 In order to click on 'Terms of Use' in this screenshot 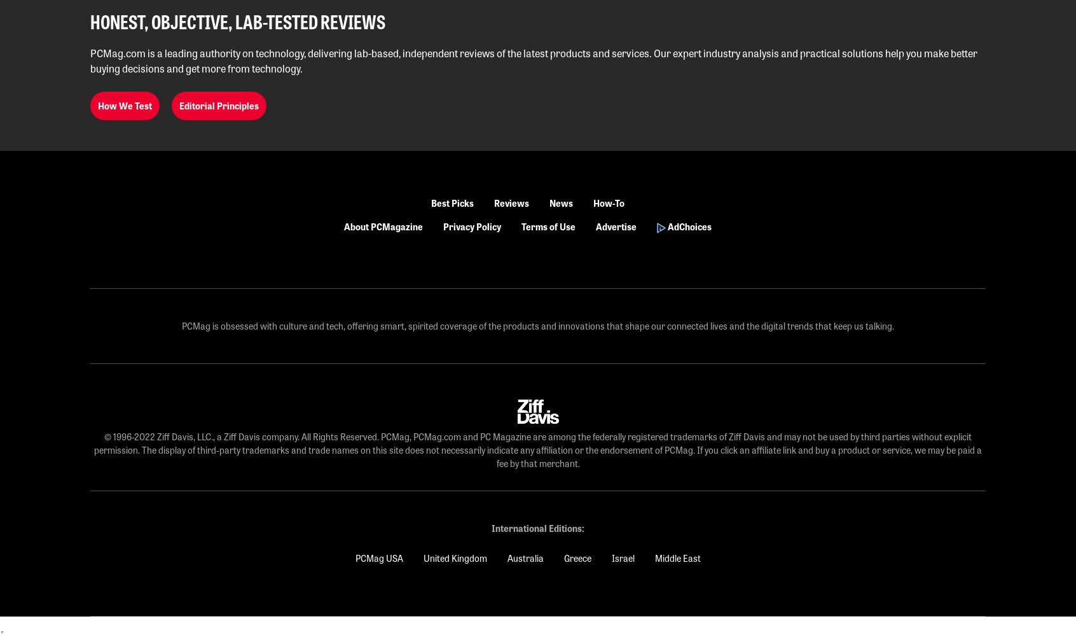, I will do `click(548, 225)`.